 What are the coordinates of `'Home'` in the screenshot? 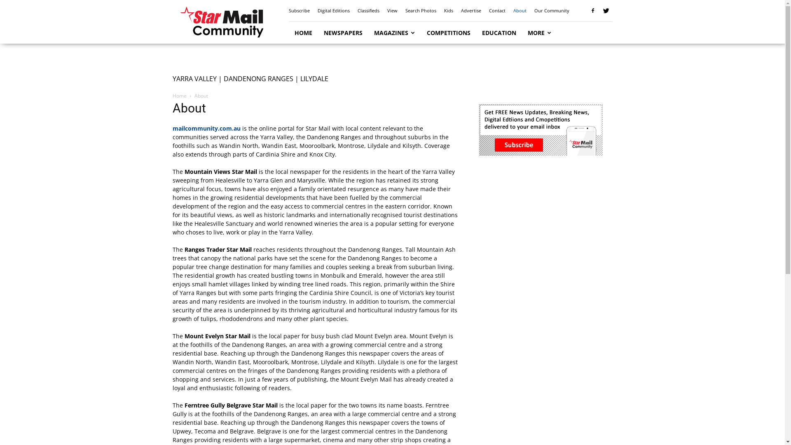 It's located at (179, 95).